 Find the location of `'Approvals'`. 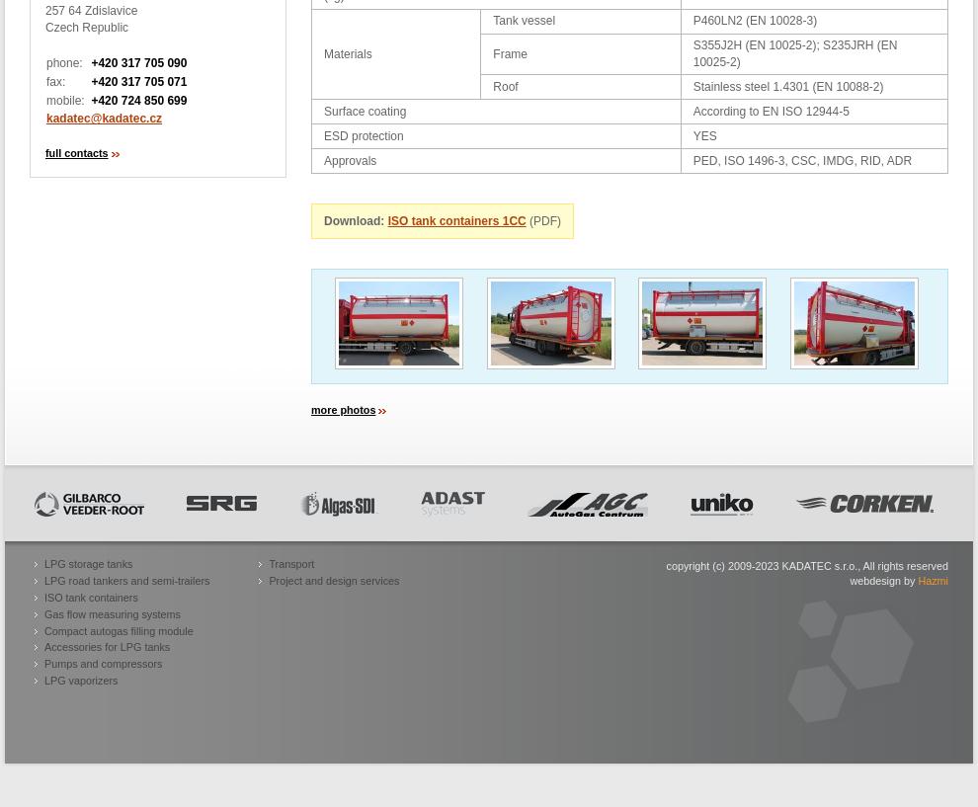

'Approvals' is located at coordinates (350, 160).